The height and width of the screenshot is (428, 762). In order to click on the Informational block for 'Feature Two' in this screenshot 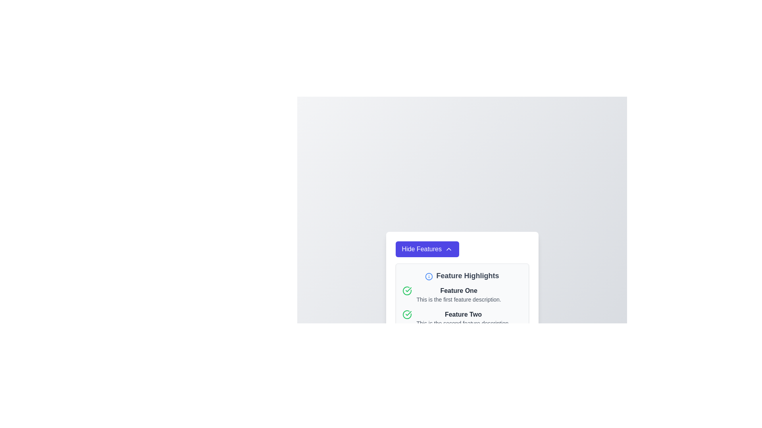, I will do `click(462, 318)`.